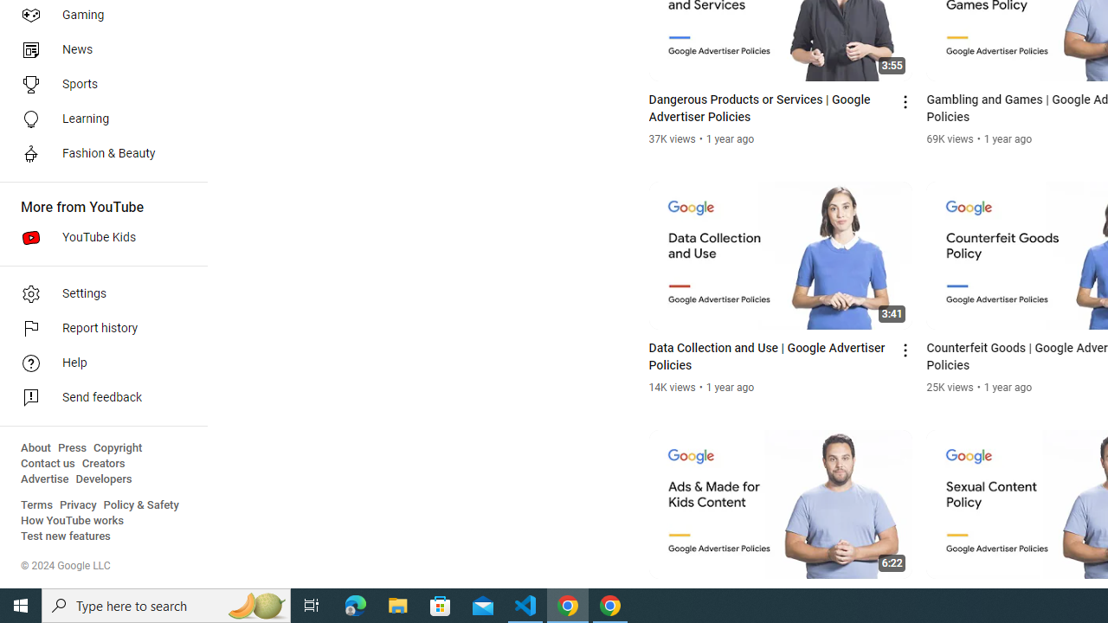 This screenshot has width=1108, height=623. Describe the element at coordinates (97, 329) in the screenshot. I see `'Report history'` at that location.